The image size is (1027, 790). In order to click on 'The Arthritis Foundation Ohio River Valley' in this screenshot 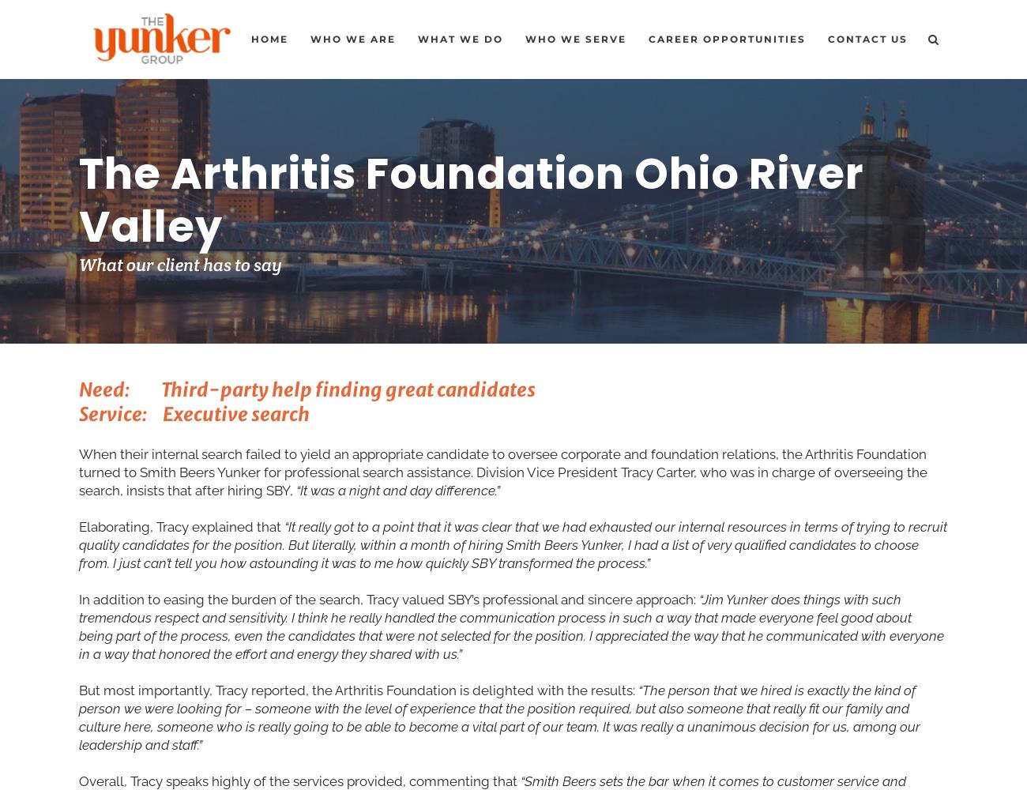, I will do `click(470, 200)`.